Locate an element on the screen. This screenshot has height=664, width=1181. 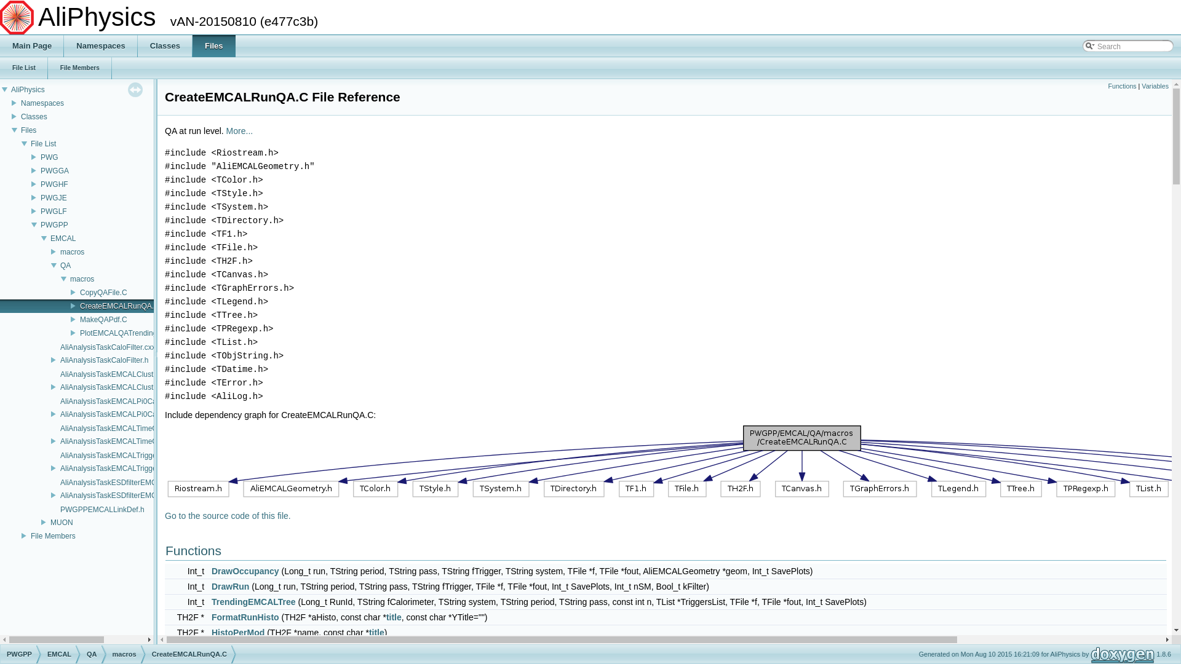
'AliAnalysisTaskEMCALClusterize.h' is located at coordinates (117, 386).